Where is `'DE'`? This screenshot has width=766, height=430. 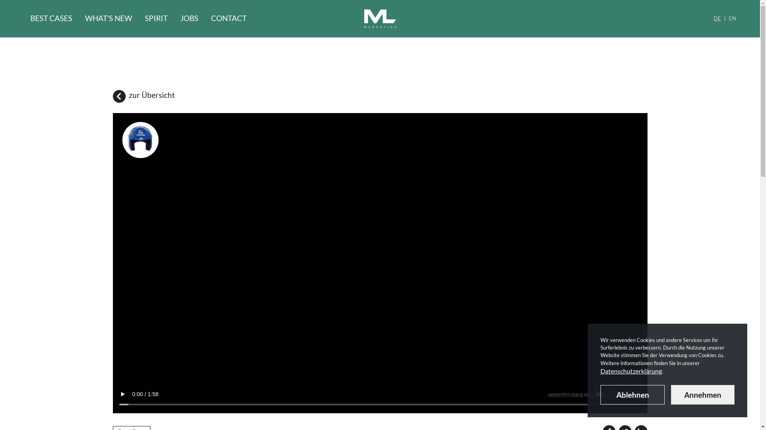 'DE' is located at coordinates (714, 18).